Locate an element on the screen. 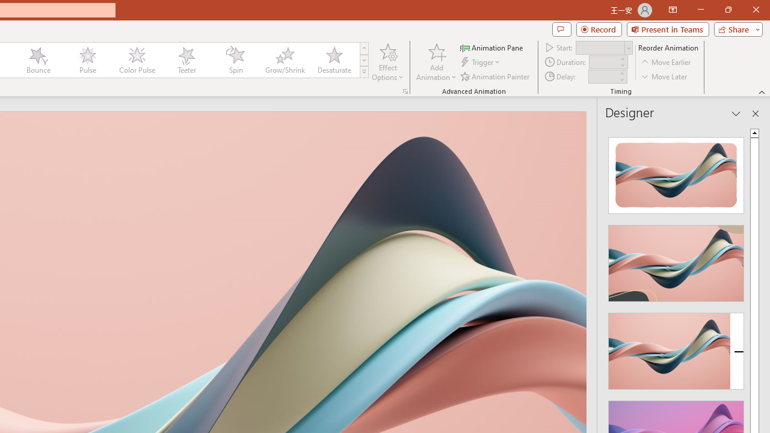  'Class: NetUIImage' is located at coordinates (364, 72).